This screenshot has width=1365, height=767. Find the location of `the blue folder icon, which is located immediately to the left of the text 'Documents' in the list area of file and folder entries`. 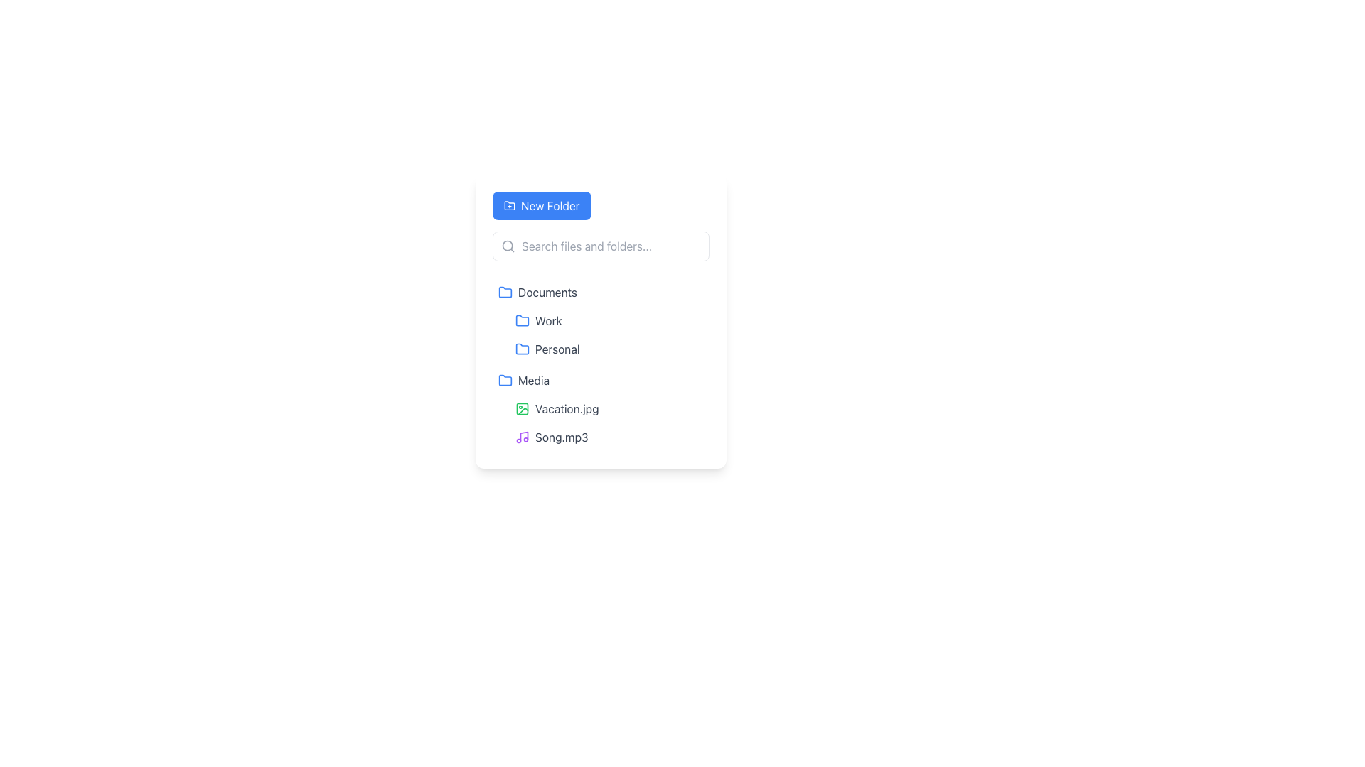

the blue folder icon, which is located immediately to the left of the text 'Documents' in the list area of file and folder entries is located at coordinates (505, 292).